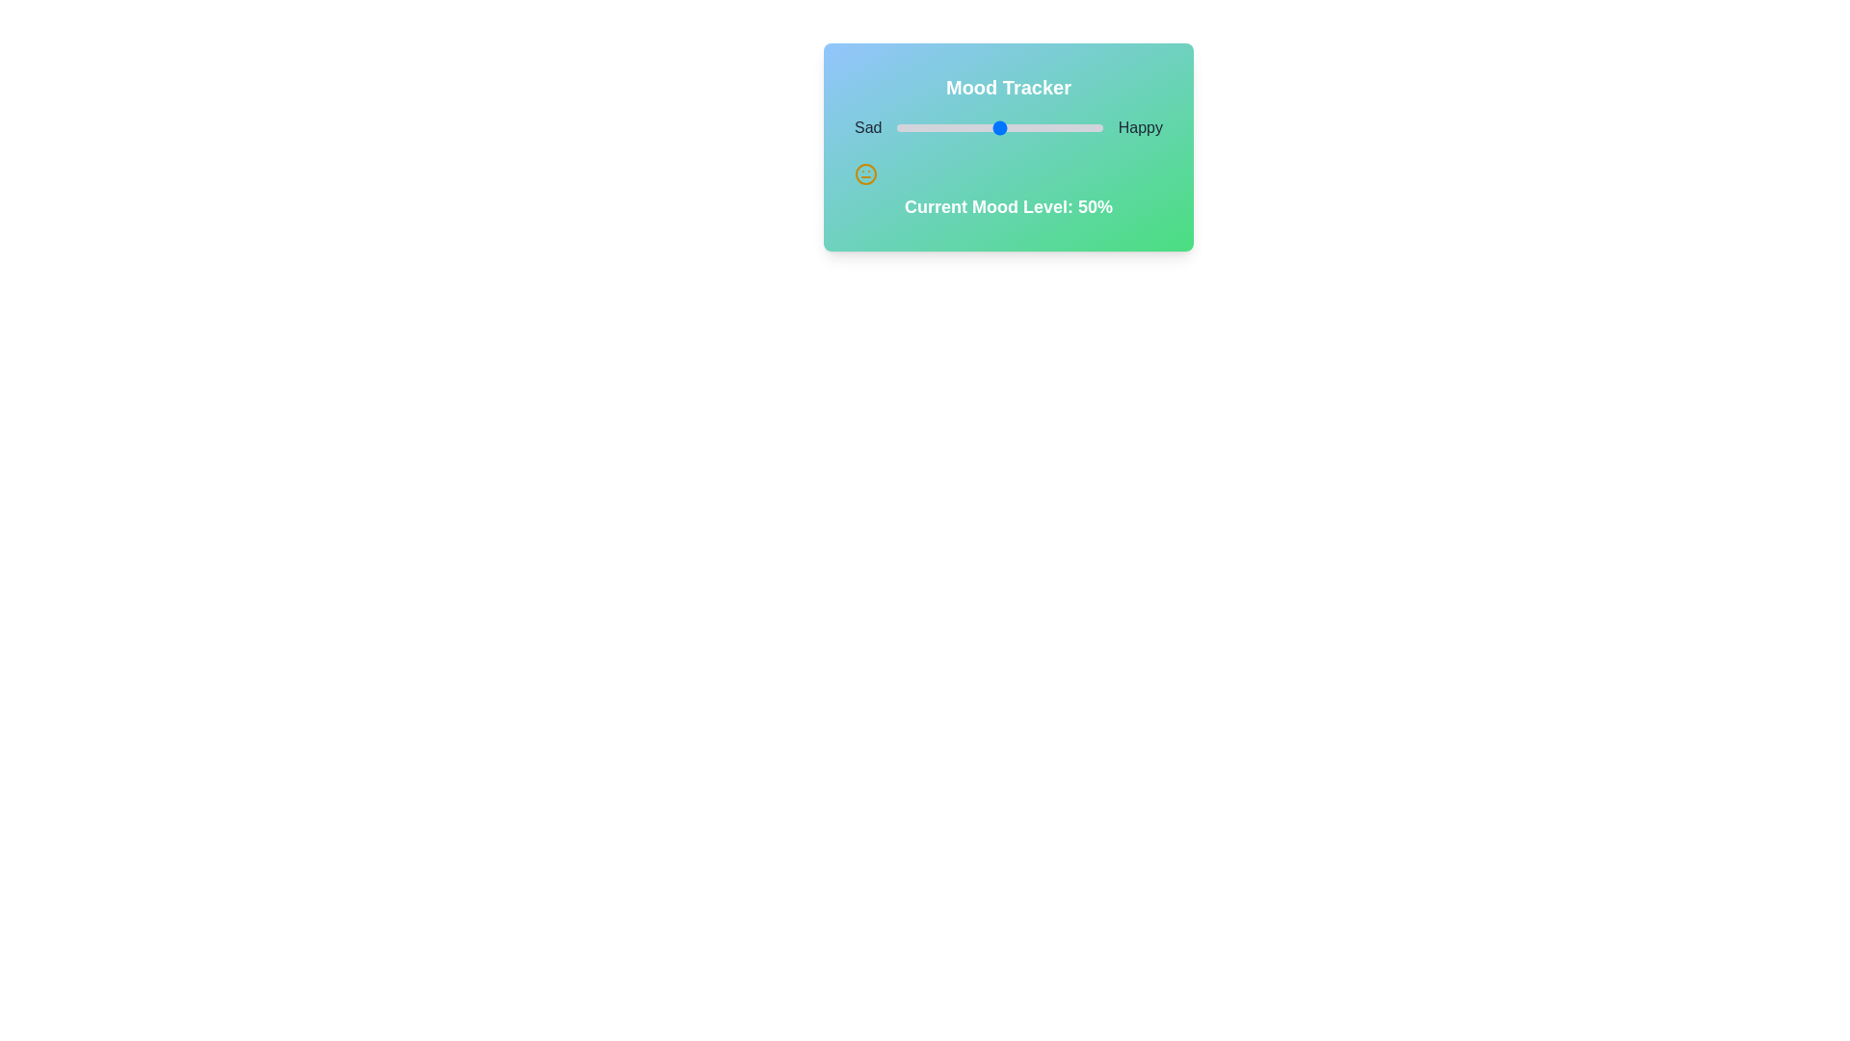 The width and height of the screenshot is (1850, 1041). I want to click on the mood slider to set the mood value to 79, so click(1058, 127).